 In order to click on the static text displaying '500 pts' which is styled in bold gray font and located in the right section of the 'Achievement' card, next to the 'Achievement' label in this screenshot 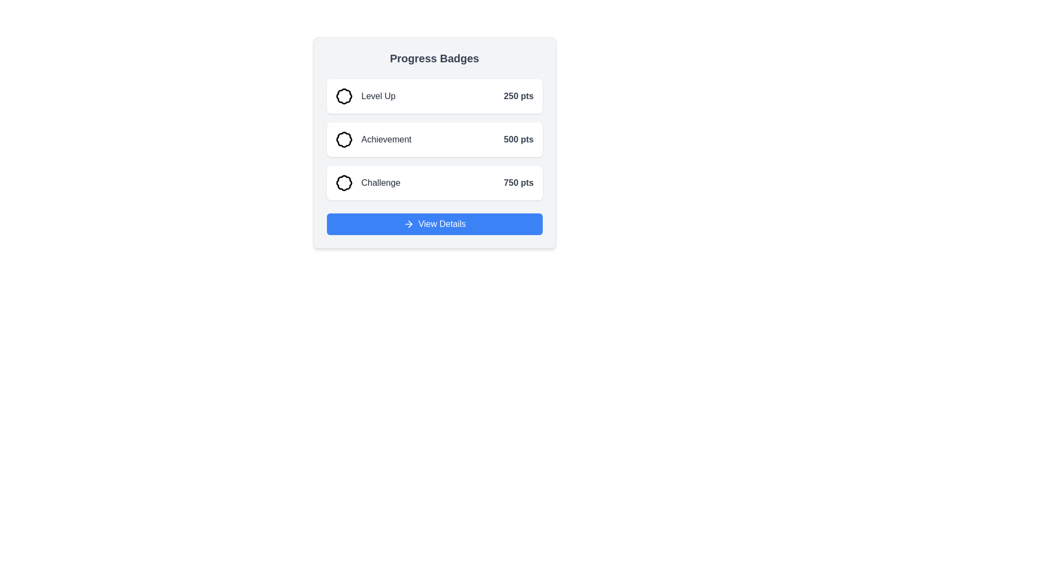, I will do `click(518, 139)`.